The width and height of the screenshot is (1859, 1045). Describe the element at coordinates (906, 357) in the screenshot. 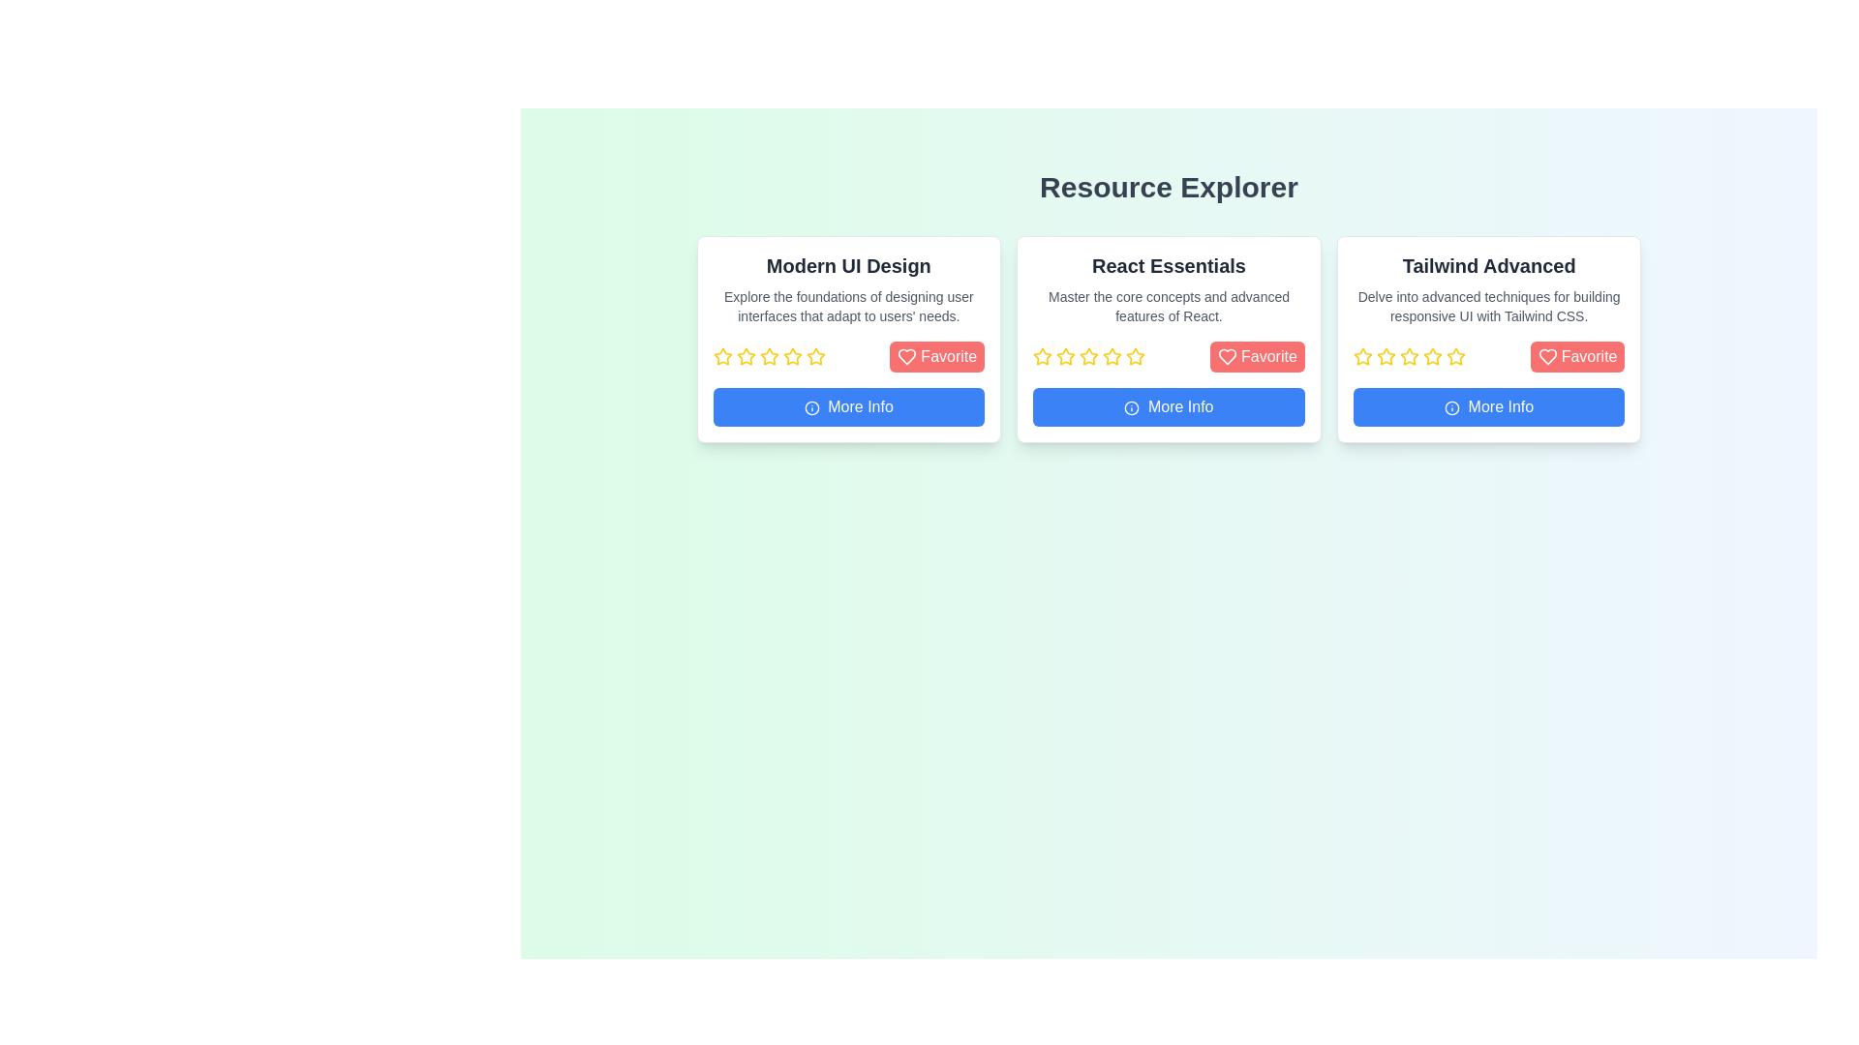

I see `the heart icon located at the center of the 'Favorite' button on the card labeled 'Modern UI Design' to interact with it` at that location.